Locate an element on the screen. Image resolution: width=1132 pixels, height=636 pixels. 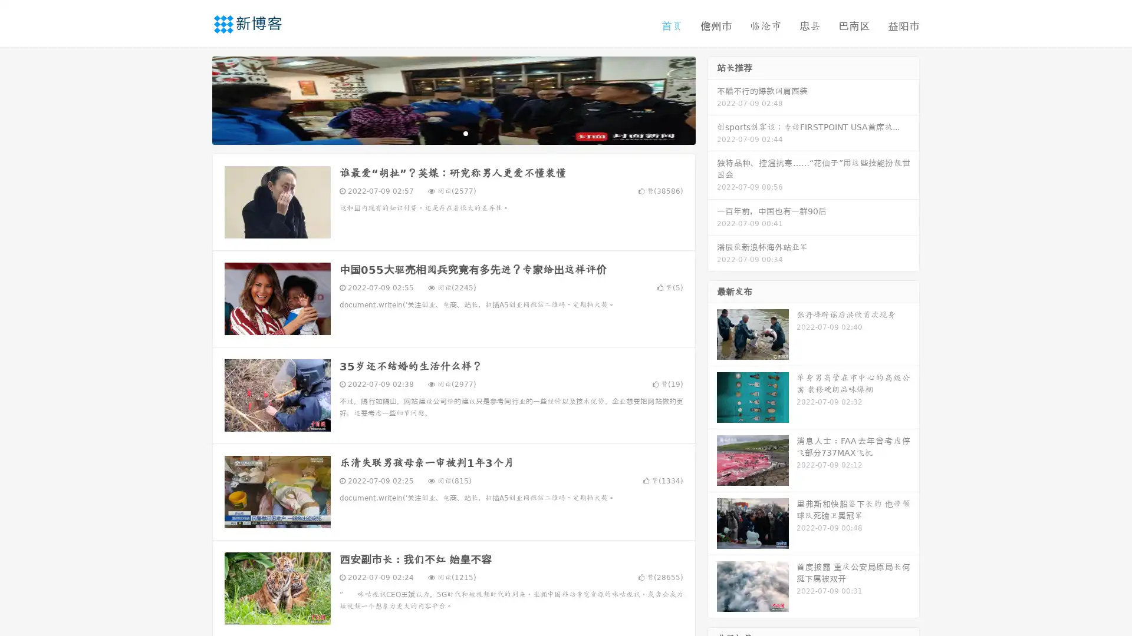
Go to slide 2 is located at coordinates (453, 132).